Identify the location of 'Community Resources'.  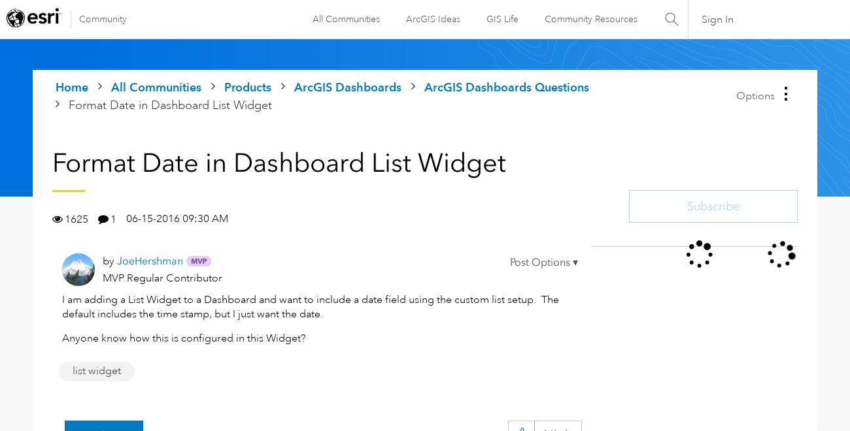
(589, 18).